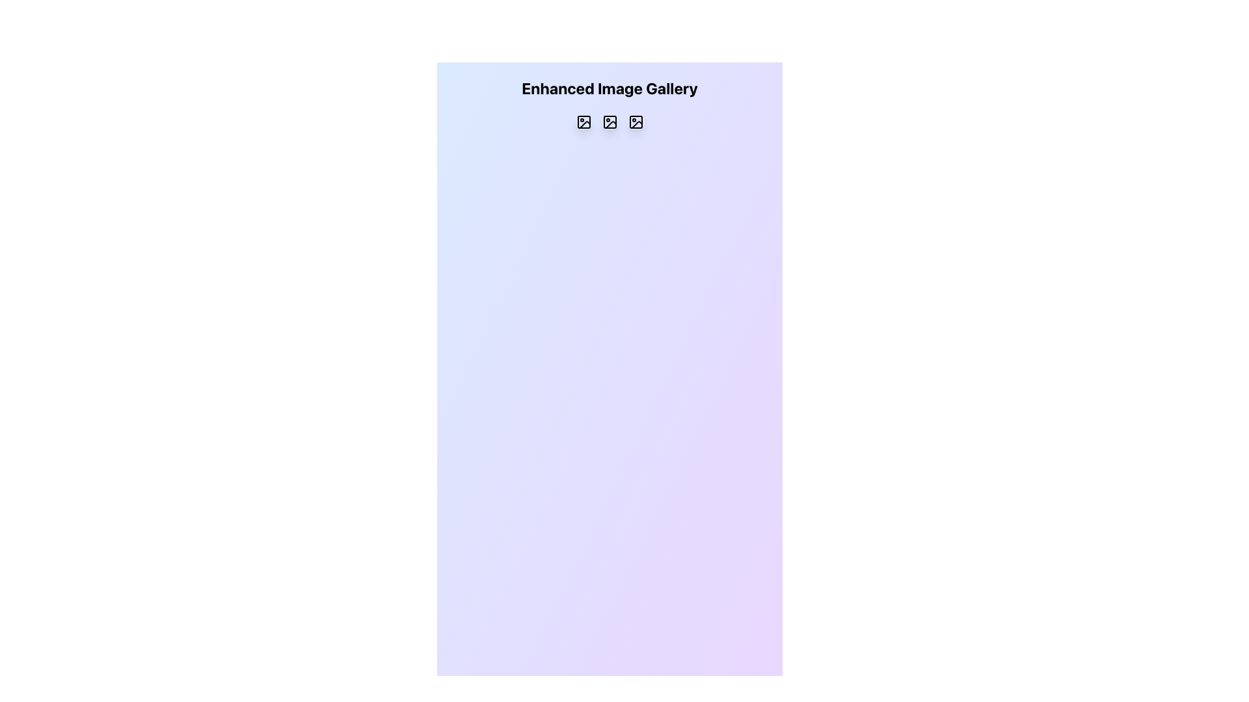 The width and height of the screenshot is (1249, 702). Describe the element at coordinates (609, 122) in the screenshot. I see `the icon button located in the middle column of the grid layout beneath the 'Enhanced Image Gallery' header` at that location.